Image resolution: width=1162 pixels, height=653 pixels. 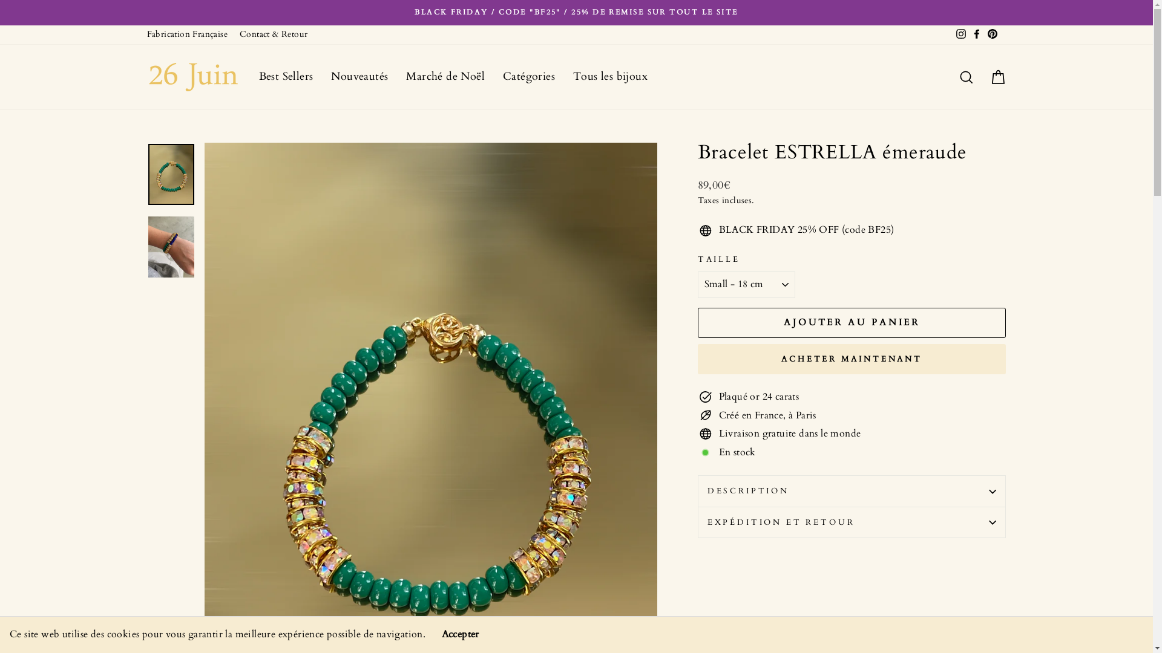 What do you see at coordinates (851, 359) in the screenshot?
I see `'ACHETER MAINTENANT'` at bounding box center [851, 359].